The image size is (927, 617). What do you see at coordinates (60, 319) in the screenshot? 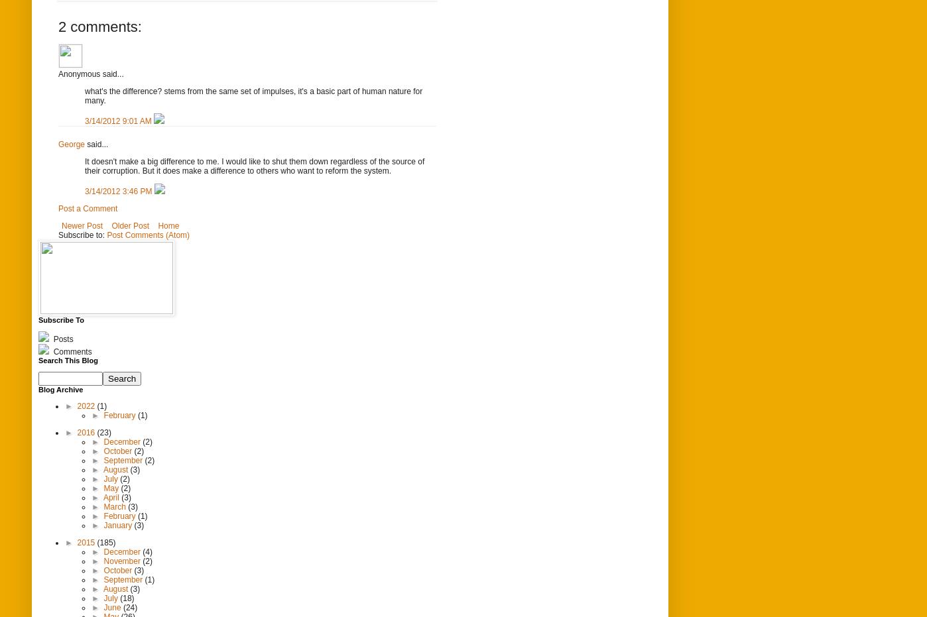
I see `'Subscribe To'` at bounding box center [60, 319].